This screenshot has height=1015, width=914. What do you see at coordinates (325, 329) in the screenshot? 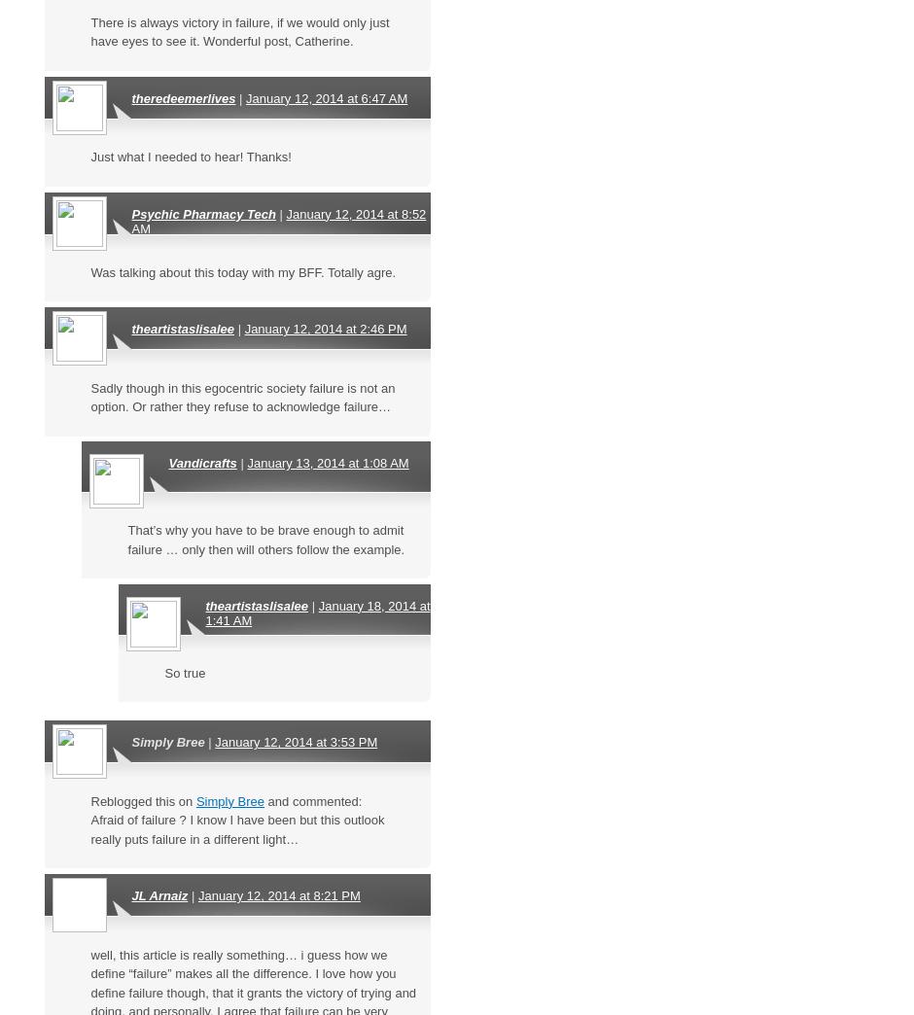
I see `'January 12, 2014 at 2:46 PM'` at bounding box center [325, 329].